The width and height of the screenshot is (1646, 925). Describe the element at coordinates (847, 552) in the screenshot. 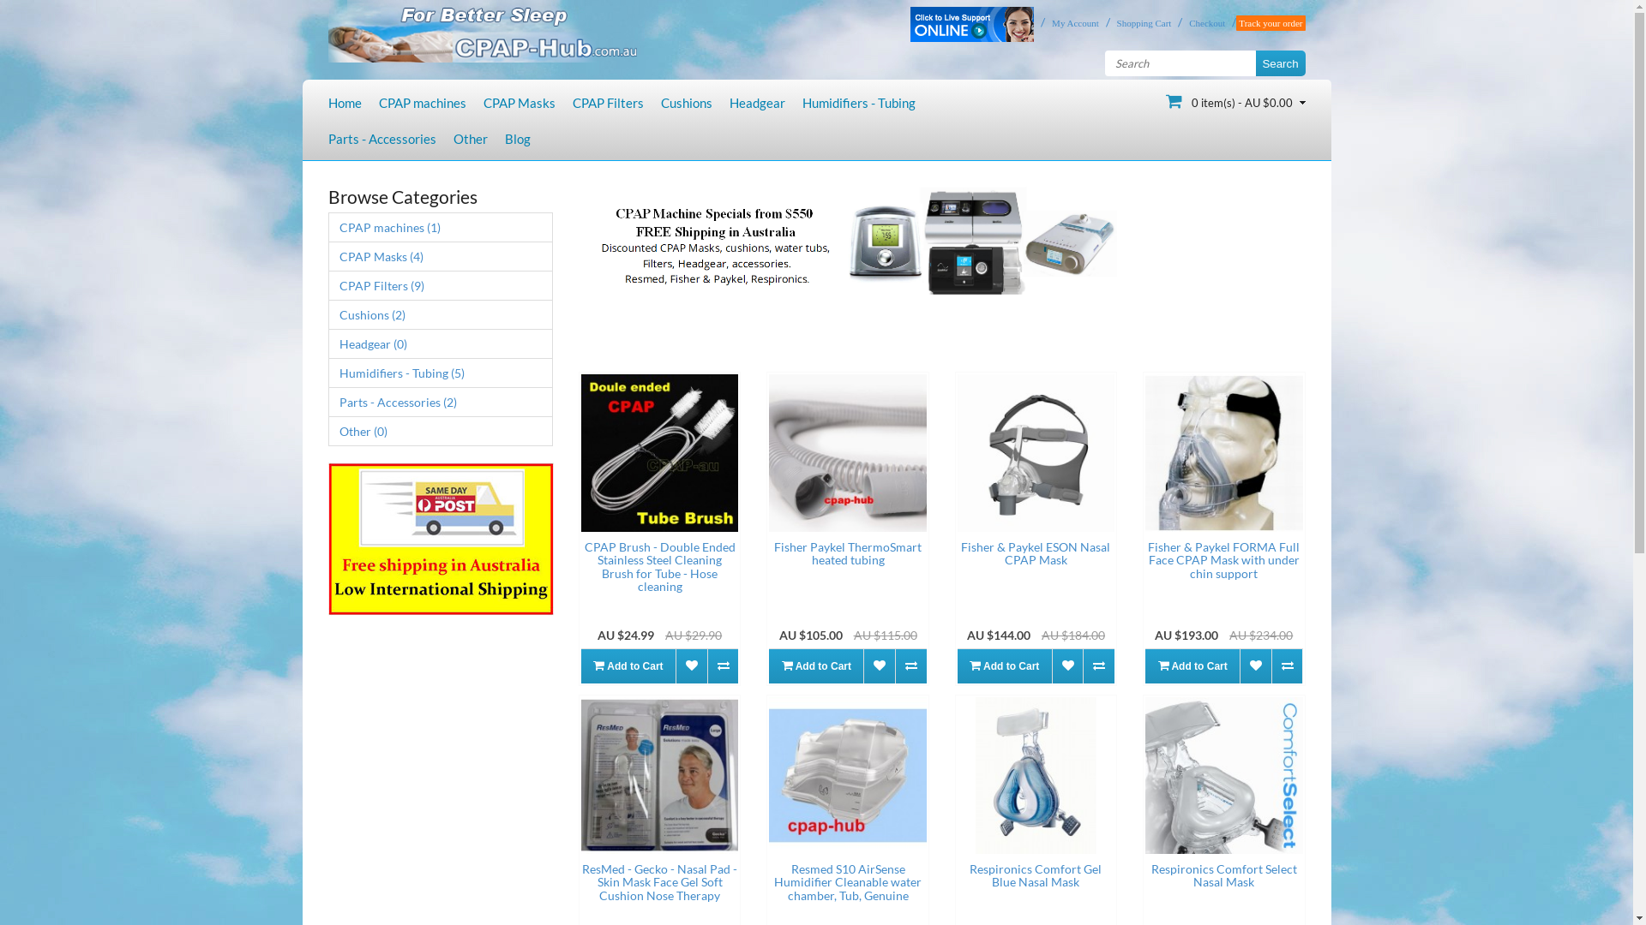

I see `'Fisher Paykel ThermoSmart heated tubing'` at that location.